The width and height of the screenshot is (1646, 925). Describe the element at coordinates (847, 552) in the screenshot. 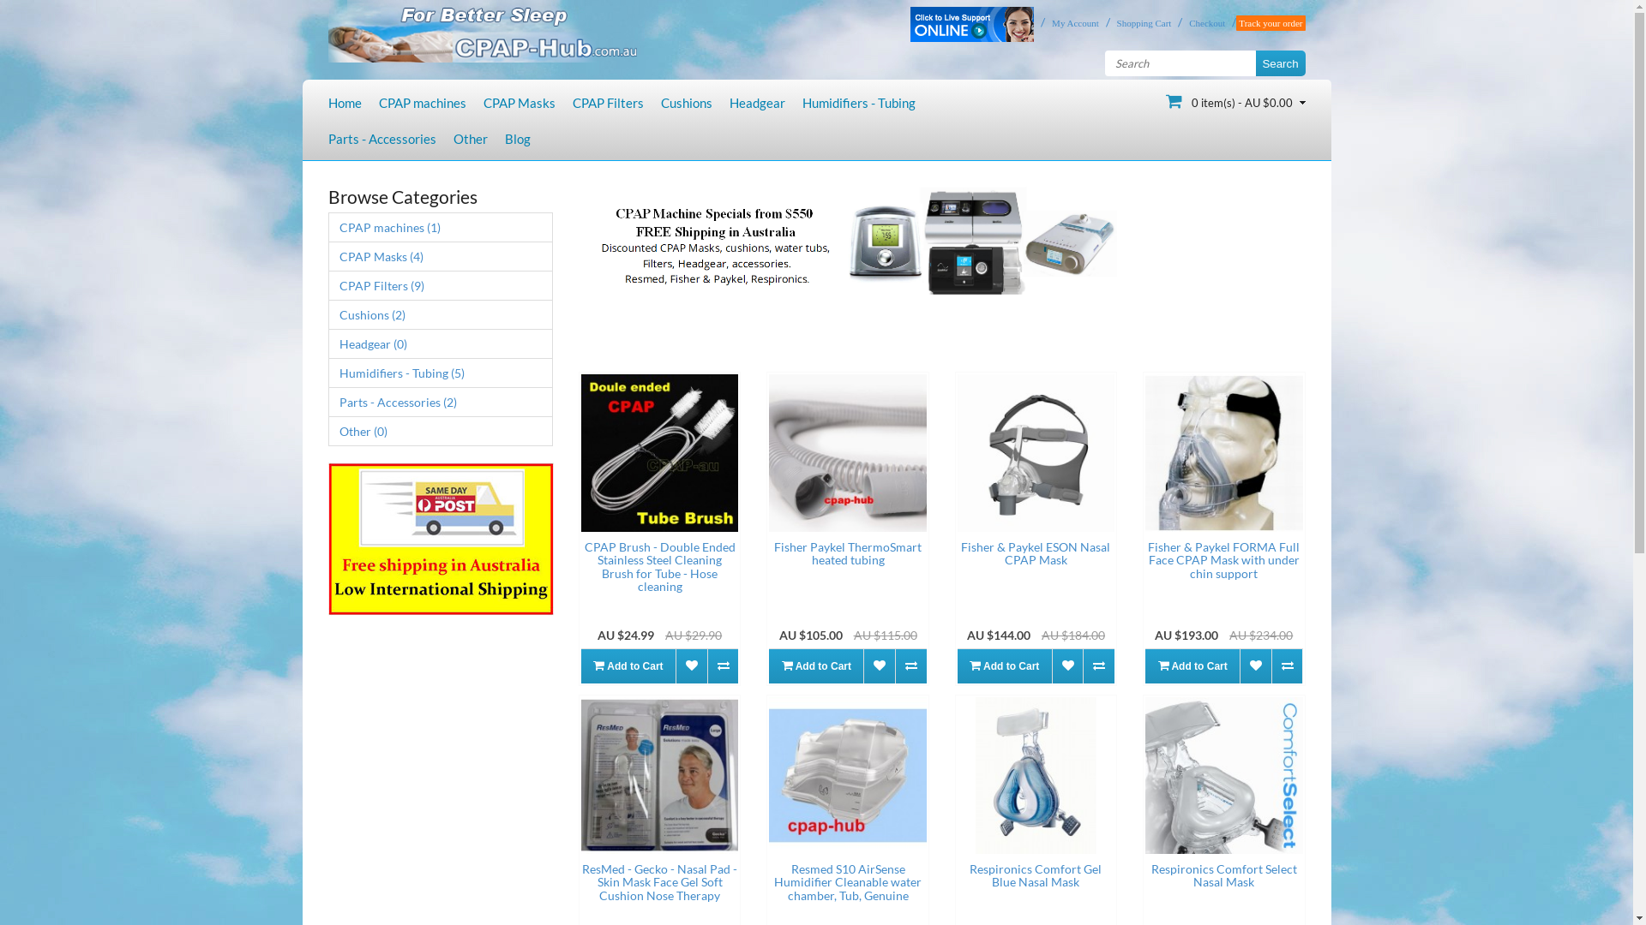

I see `'Fisher Paykel ThermoSmart heated tubing'` at that location.